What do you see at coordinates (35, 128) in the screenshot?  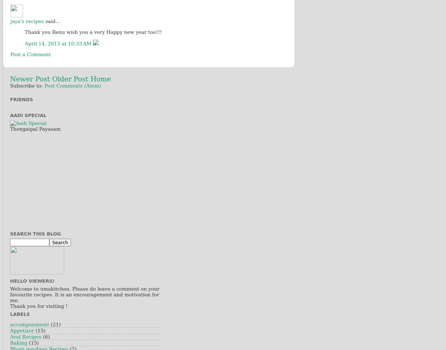 I see `'Thengaipal Payasam'` at bounding box center [35, 128].